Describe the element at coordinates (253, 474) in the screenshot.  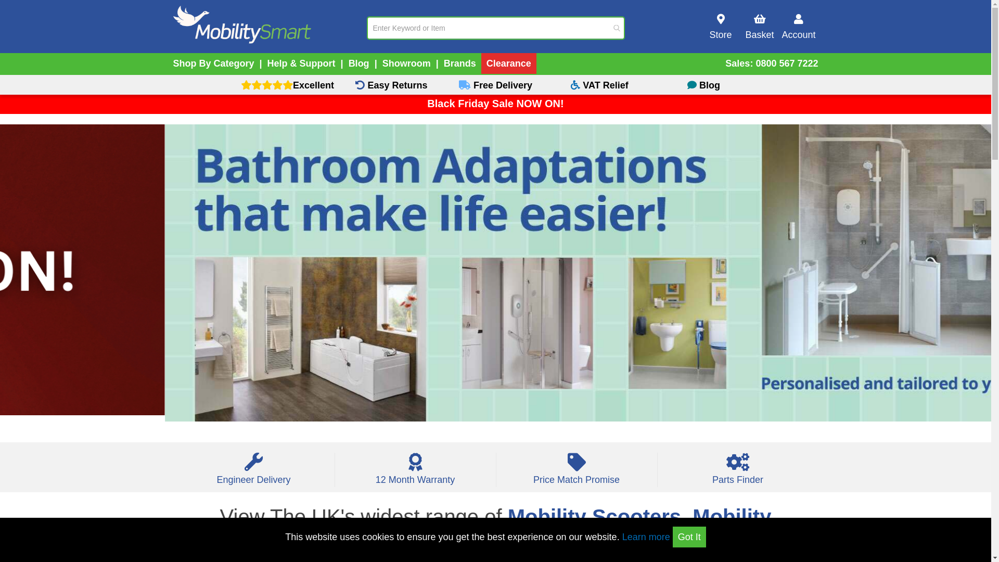
I see `'Engineer Delivery'` at that location.